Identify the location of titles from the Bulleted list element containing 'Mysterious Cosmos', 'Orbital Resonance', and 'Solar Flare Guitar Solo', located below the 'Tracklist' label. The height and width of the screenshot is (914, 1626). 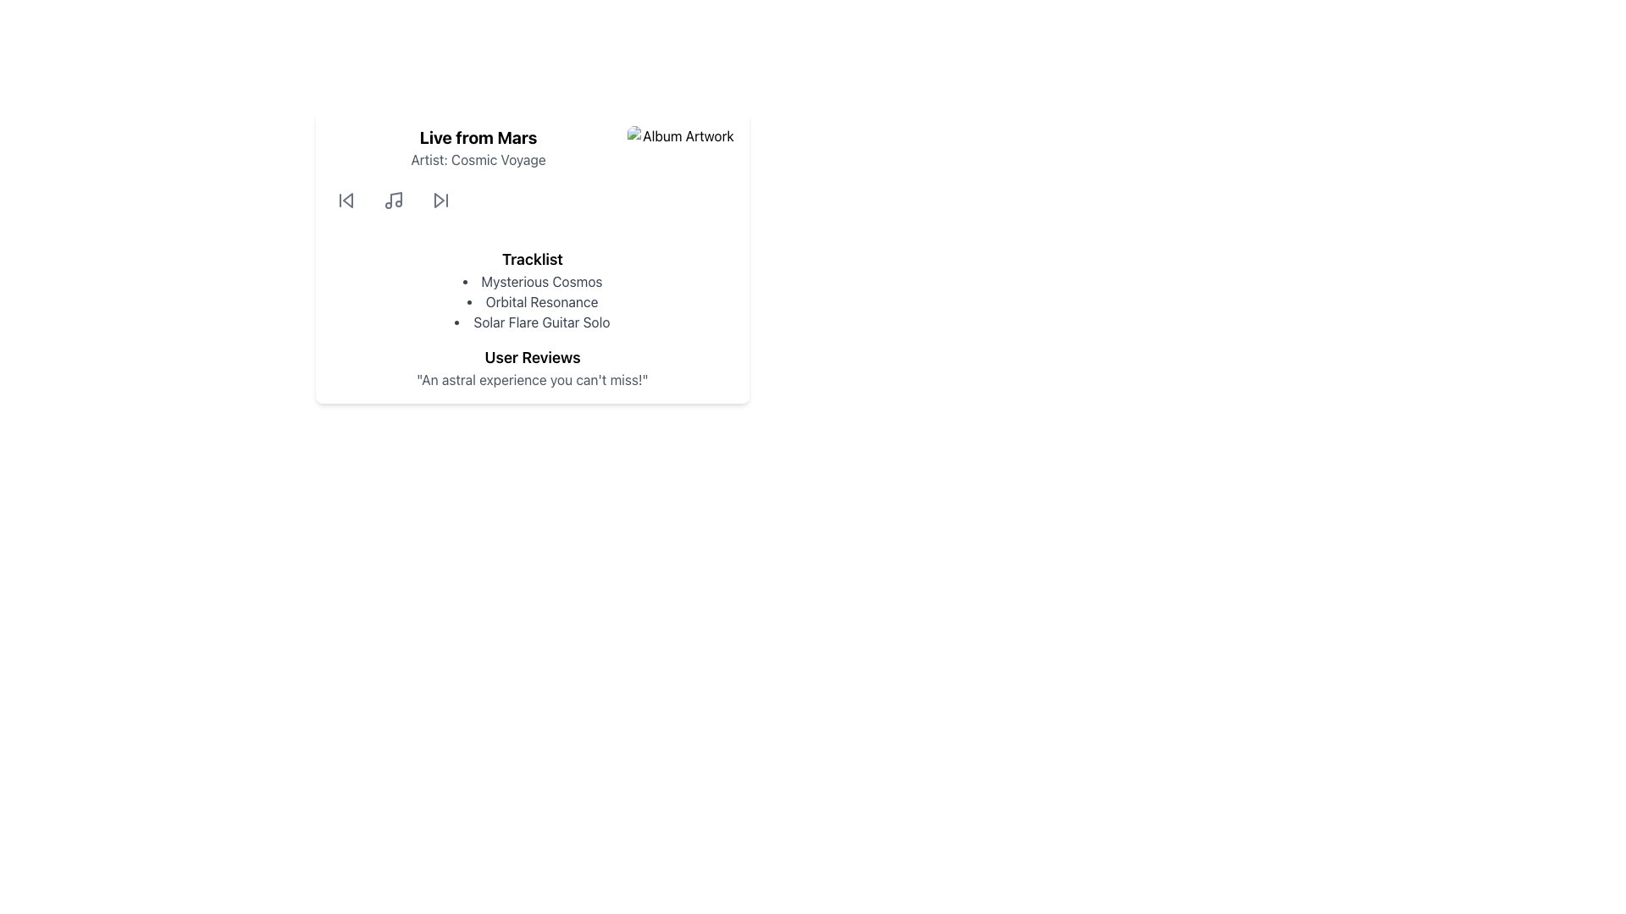
(531, 301).